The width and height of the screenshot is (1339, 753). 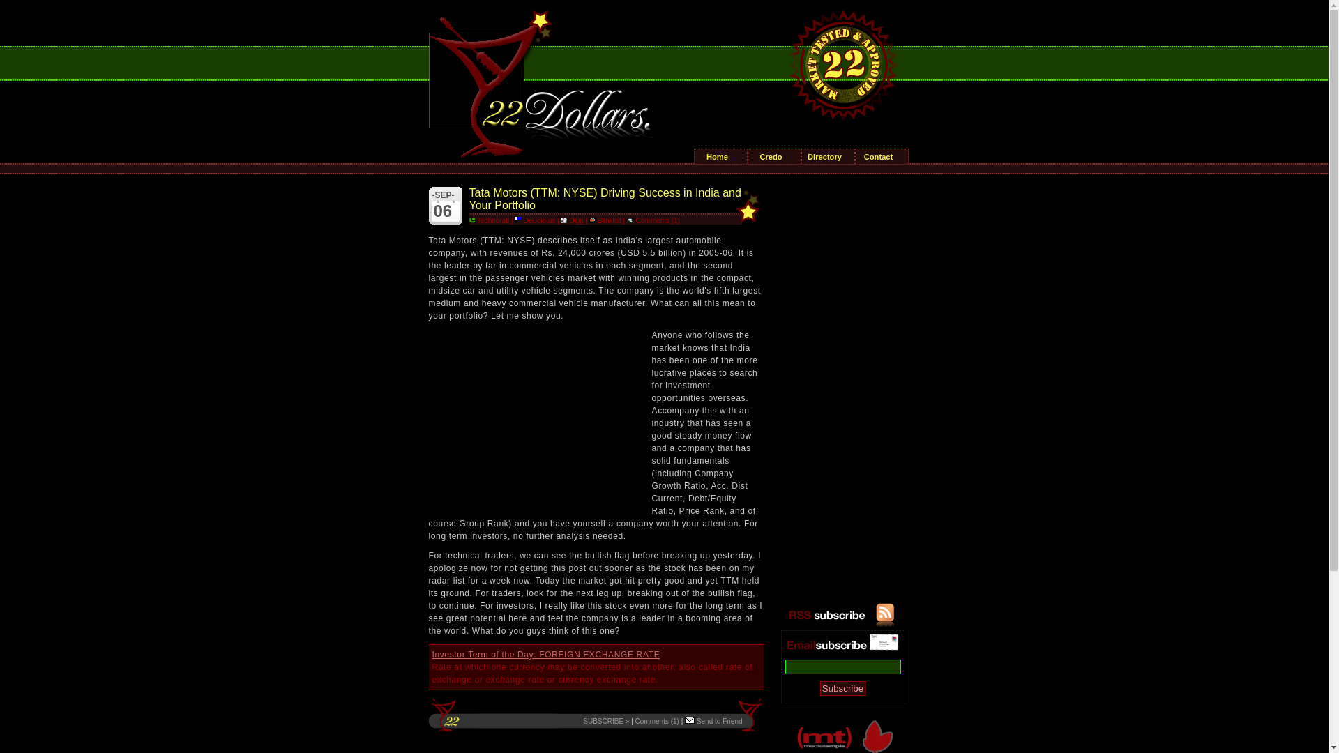 What do you see at coordinates (828, 156) in the screenshot?
I see `'Directory'` at bounding box center [828, 156].